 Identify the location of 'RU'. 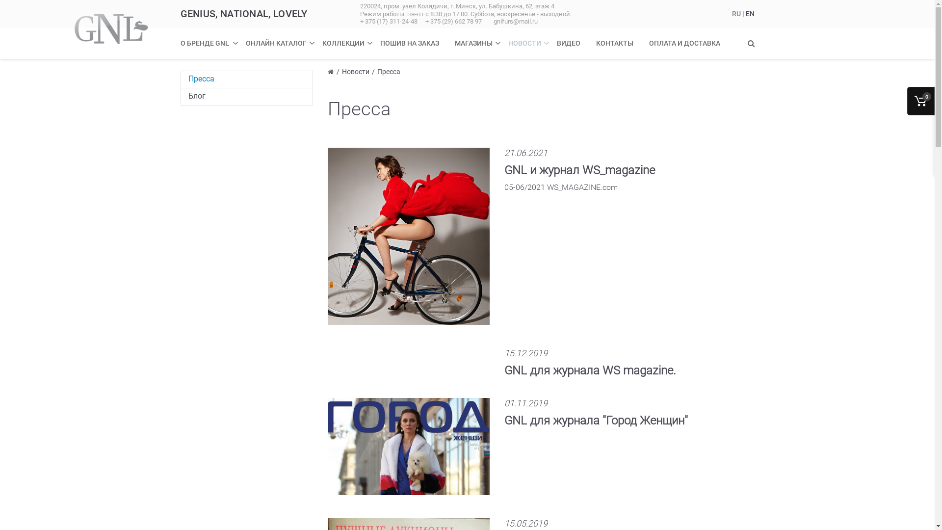
(737, 13).